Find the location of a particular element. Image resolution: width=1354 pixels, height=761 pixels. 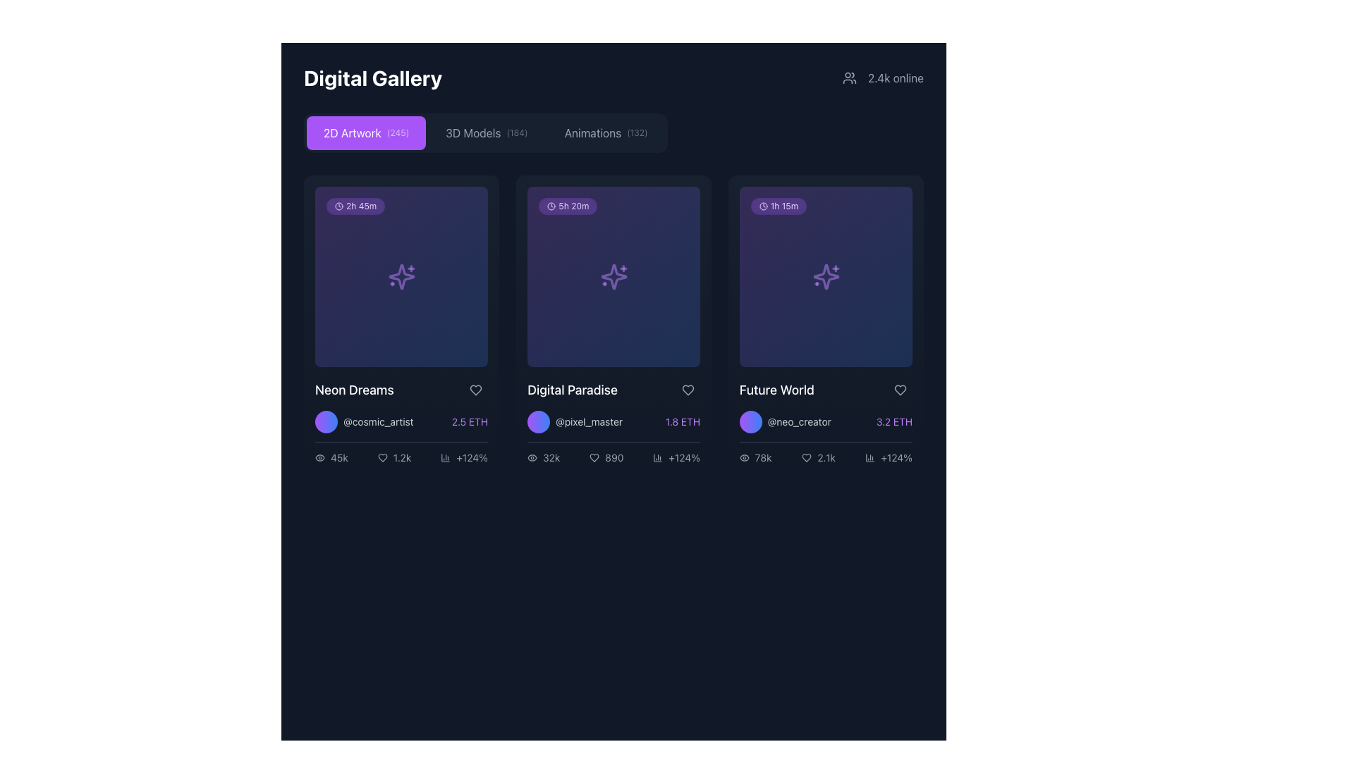

the 'Animations(132)' tab to change its appearance from gray to white text on a dark gray background is located at coordinates (606, 133).